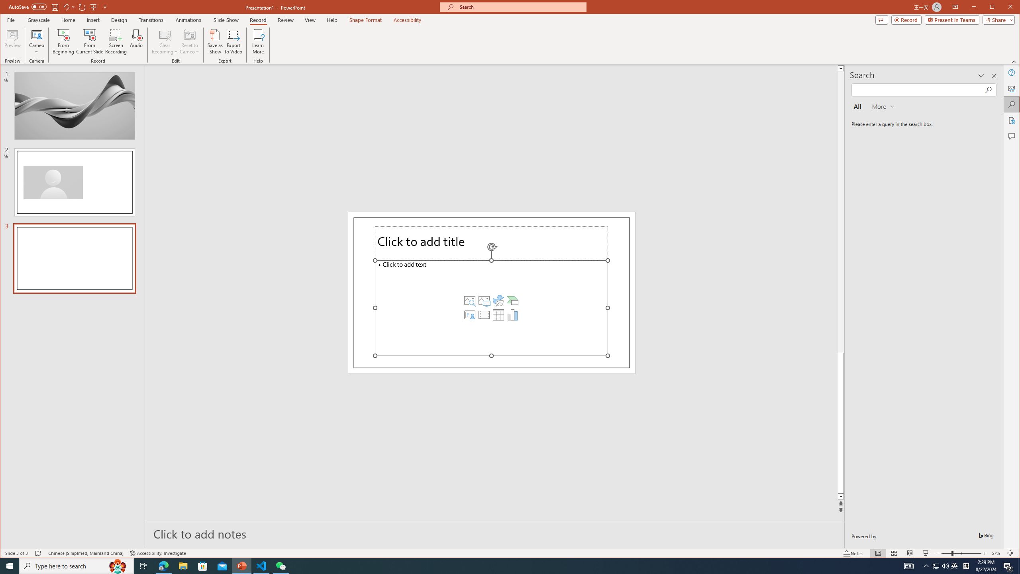 The image size is (1020, 574). Describe the element at coordinates (498, 300) in the screenshot. I see `'Insert an Icon'` at that location.